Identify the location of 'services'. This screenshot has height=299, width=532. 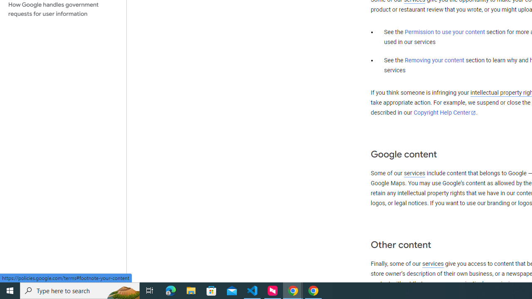
(432, 264).